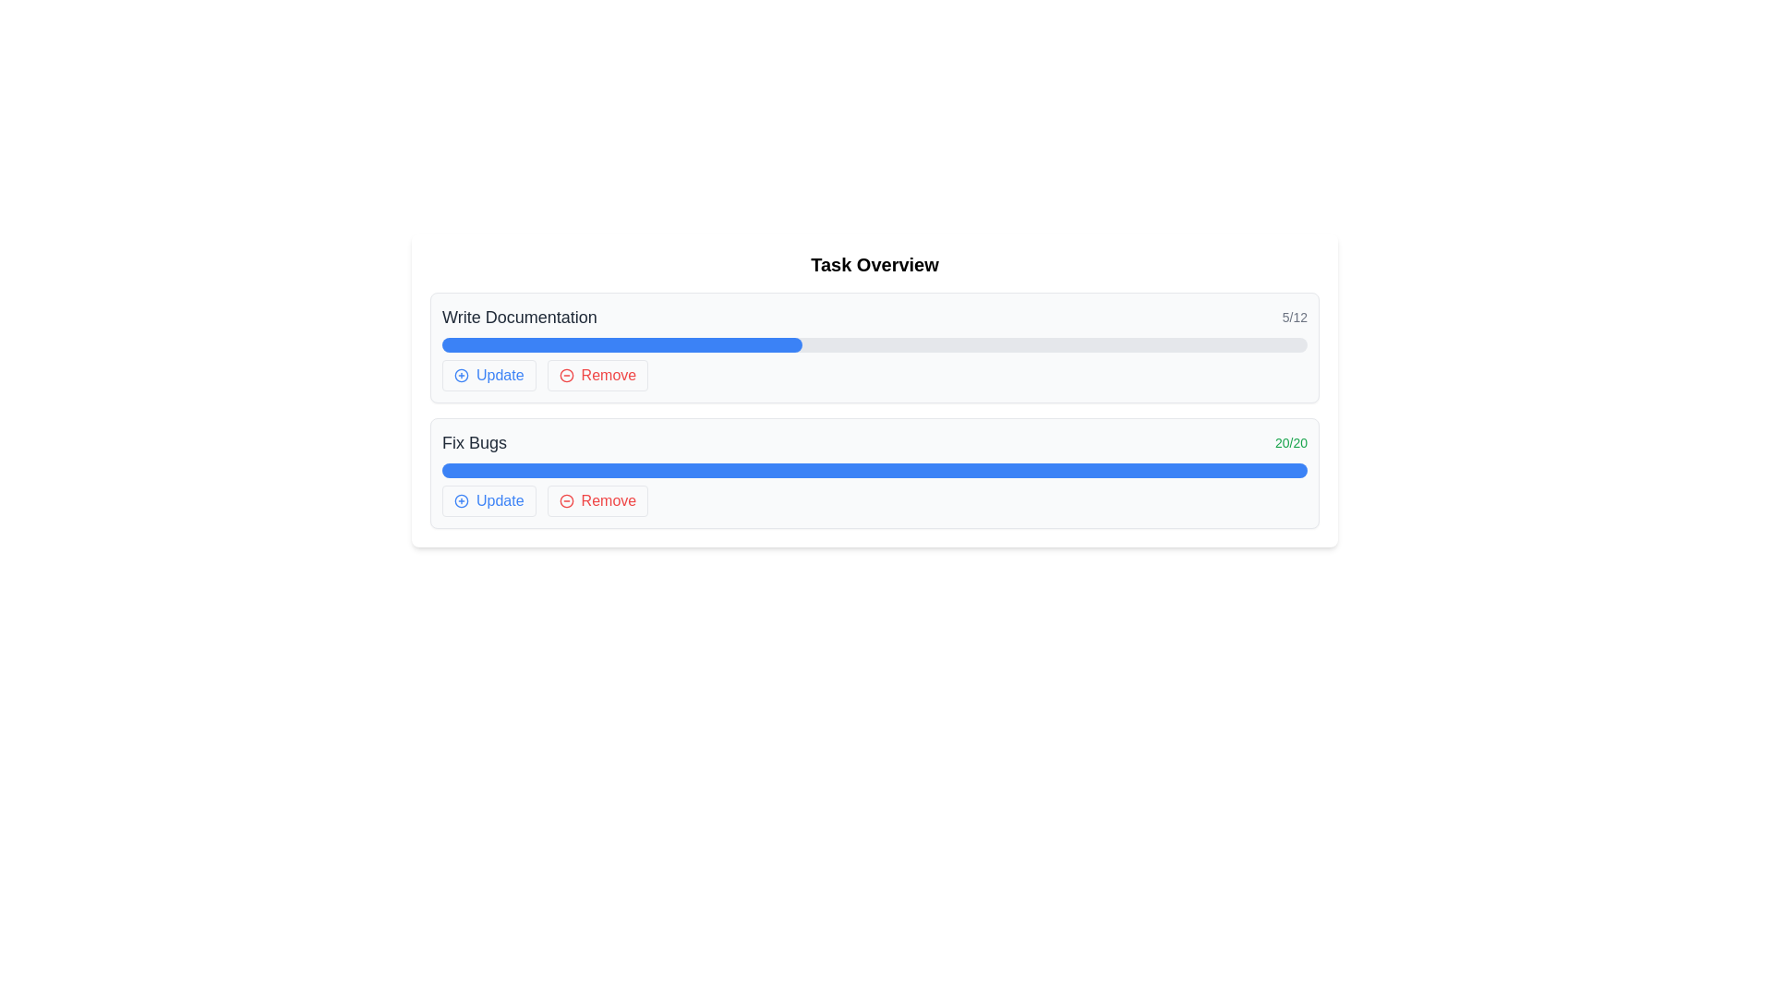 The height and width of the screenshot is (997, 1773). What do you see at coordinates (622, 345) in the screenshot?
I see `the horizontal blue progress bar associated with the task labeled 'Write Documentation', which is located above the 'Update' and 'Remove' buttons` at bounding box center [622, 345].